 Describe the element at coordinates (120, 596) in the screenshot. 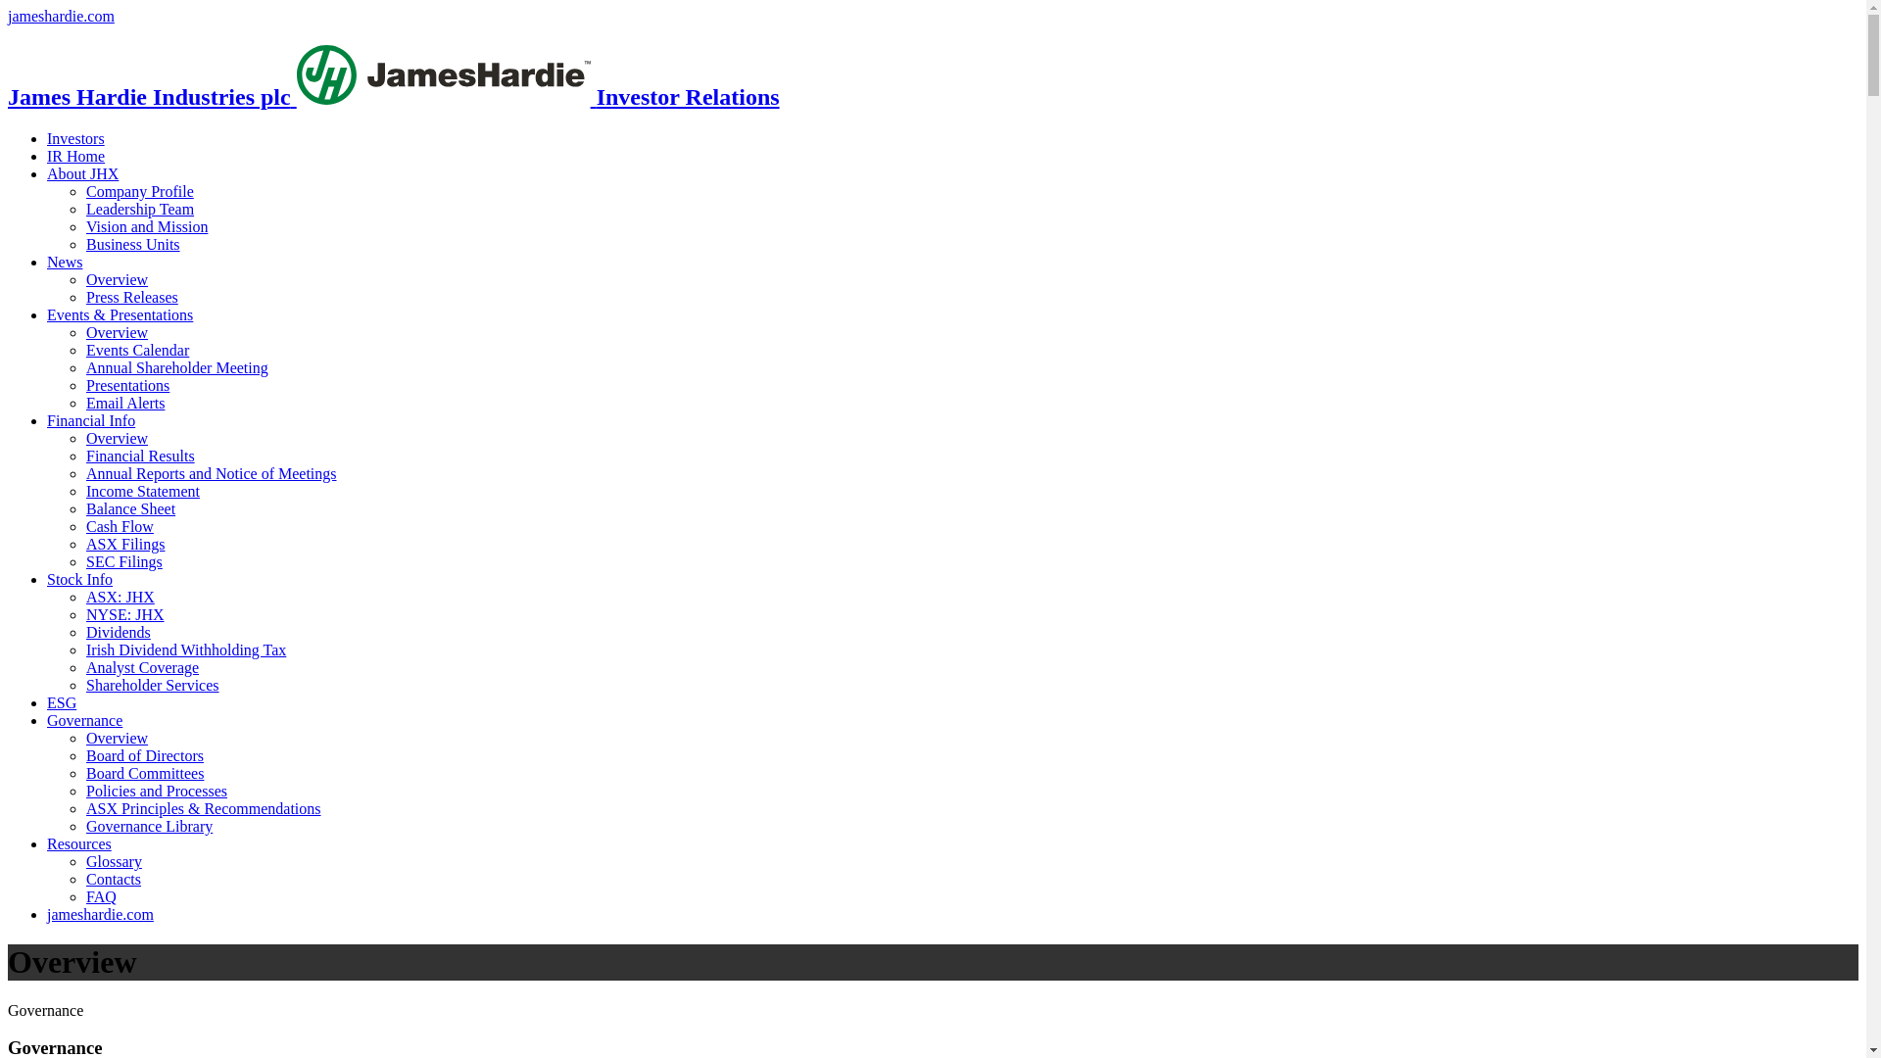

I see `'ASX: JHX'` at that location.